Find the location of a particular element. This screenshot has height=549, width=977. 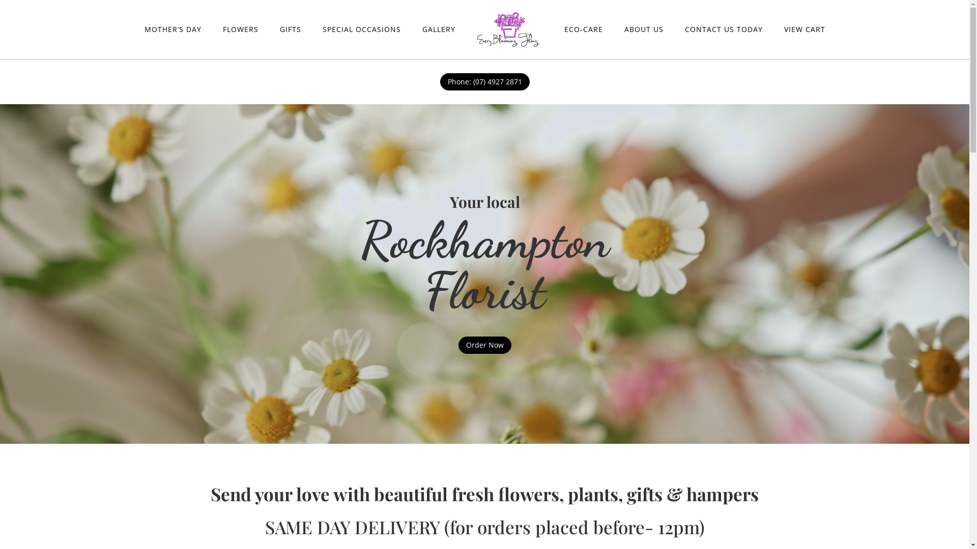

'GIFTS' is located at coordinates (290, 28).